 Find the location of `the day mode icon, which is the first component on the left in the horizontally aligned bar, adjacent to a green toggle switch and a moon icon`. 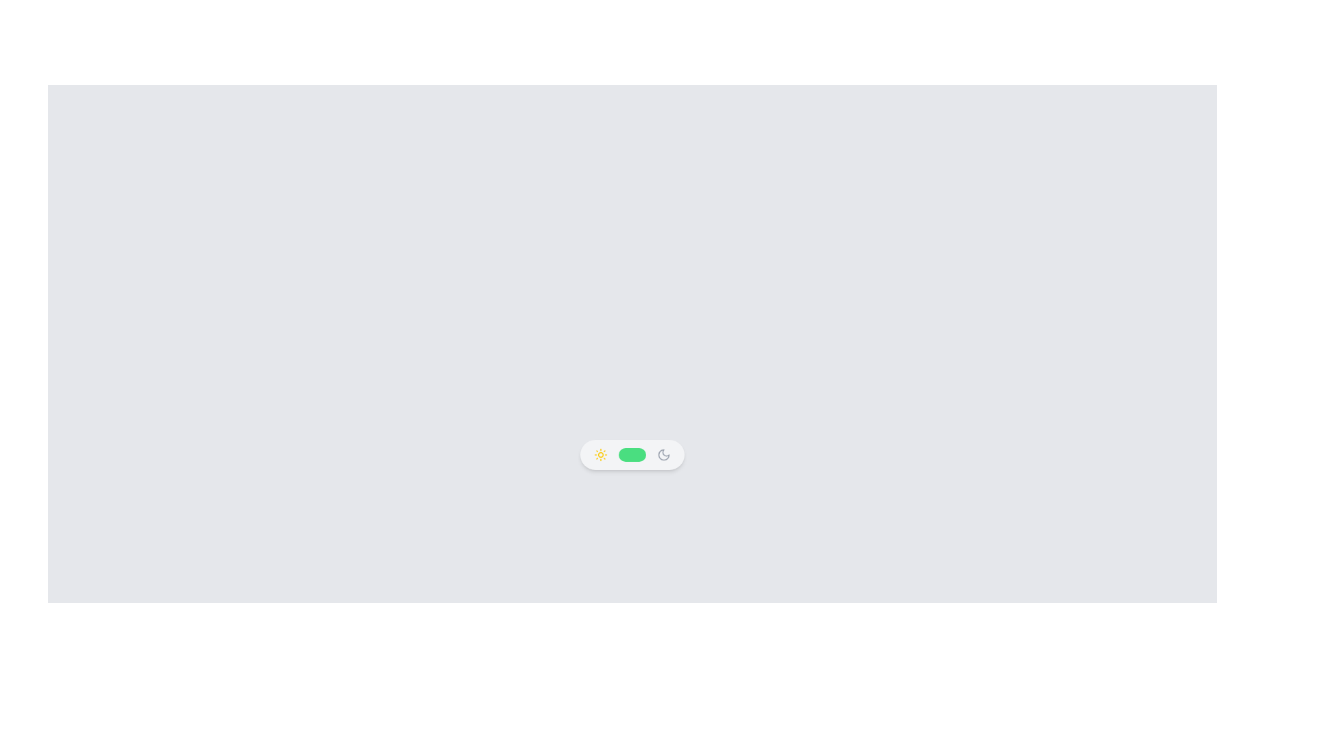

the day mode icon, which is the first component on the left in the horizontally aligned bar, adjacent to a green toggle switch and a moon icon is located at coordinates (600, 454).